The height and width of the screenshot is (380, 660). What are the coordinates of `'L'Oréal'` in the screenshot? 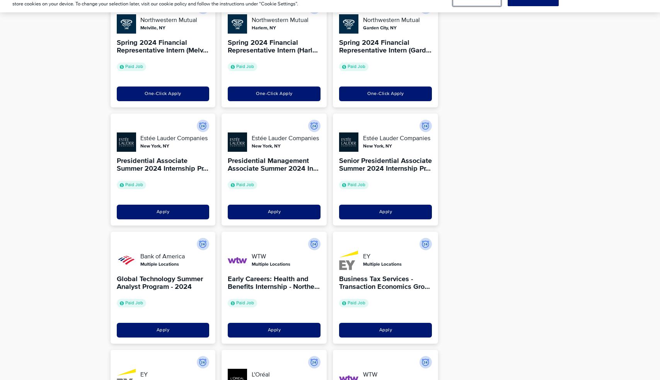 It's located at (261, 375).